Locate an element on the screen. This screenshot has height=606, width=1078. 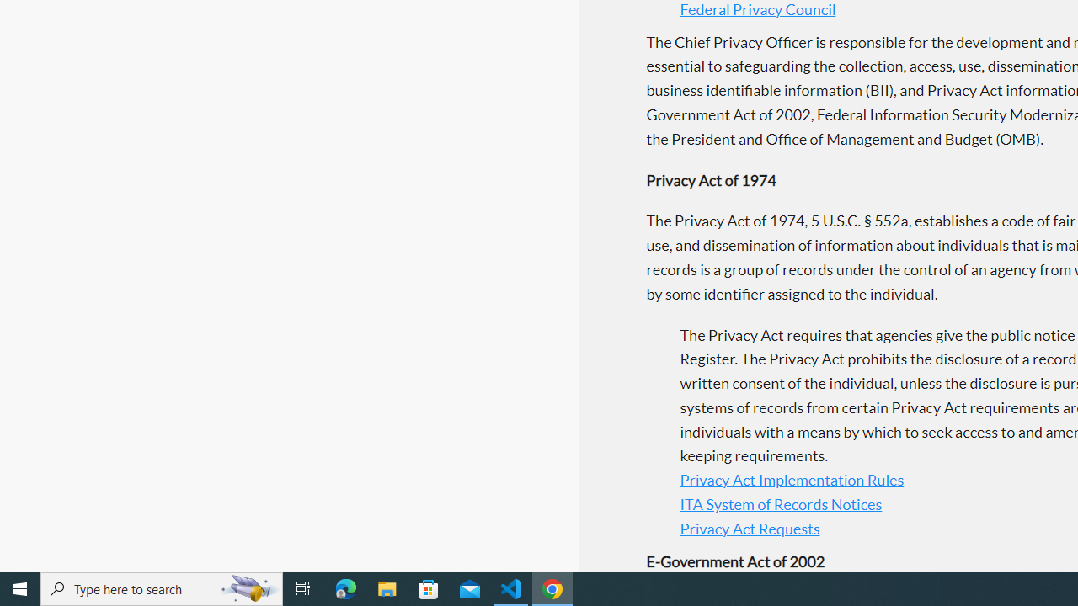
'Privacy Act Requests' is located at coordinates (749, 527).